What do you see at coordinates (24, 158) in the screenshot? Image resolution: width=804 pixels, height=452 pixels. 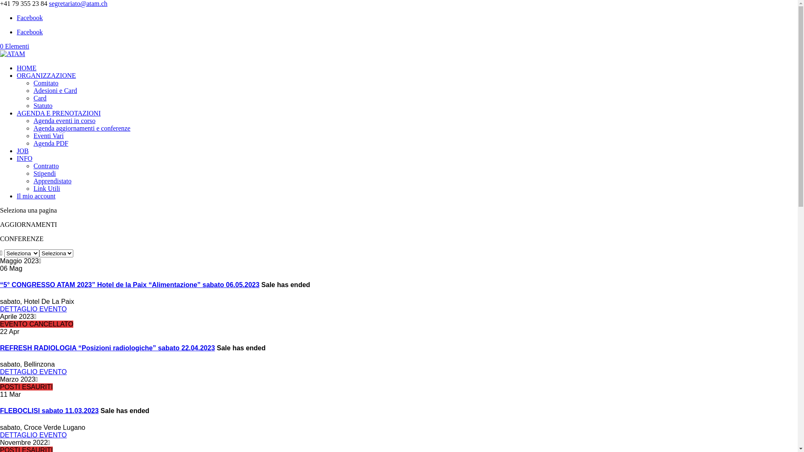 I see `'INFO'` at bounding box center [24, 158].